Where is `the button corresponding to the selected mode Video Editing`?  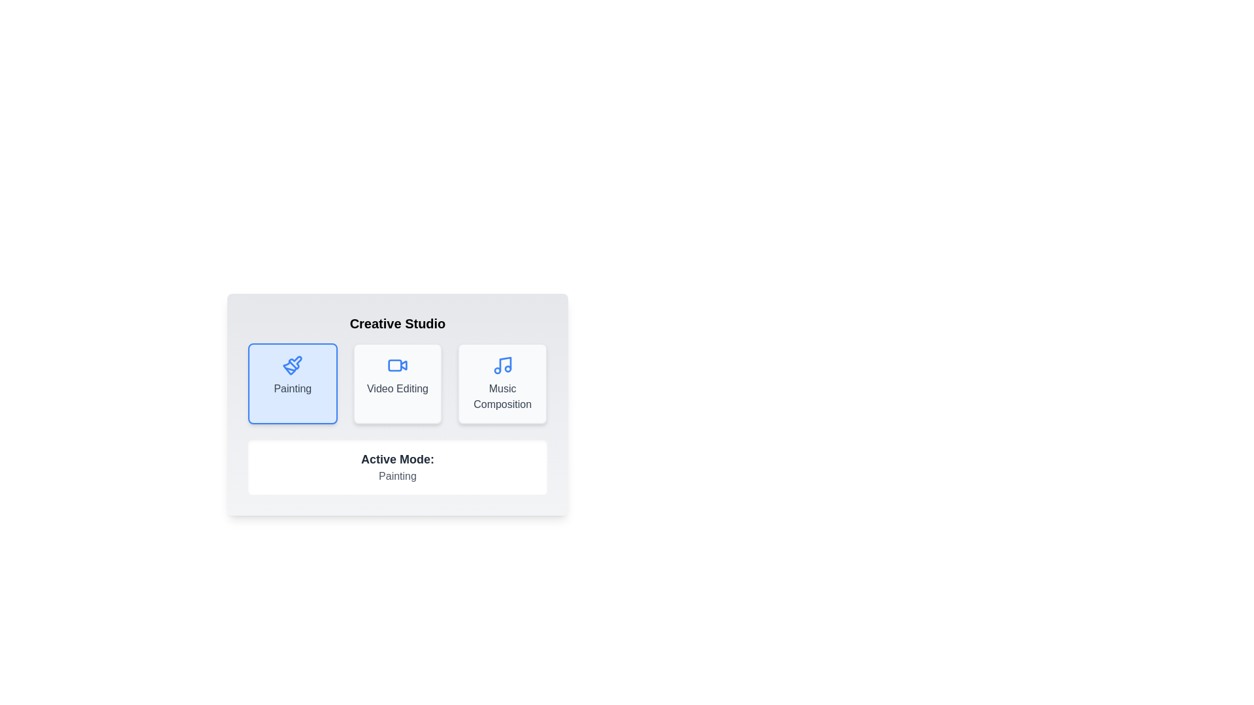 the button corresponding to the selected mode Video Editing is located at coordinates (397, 383).